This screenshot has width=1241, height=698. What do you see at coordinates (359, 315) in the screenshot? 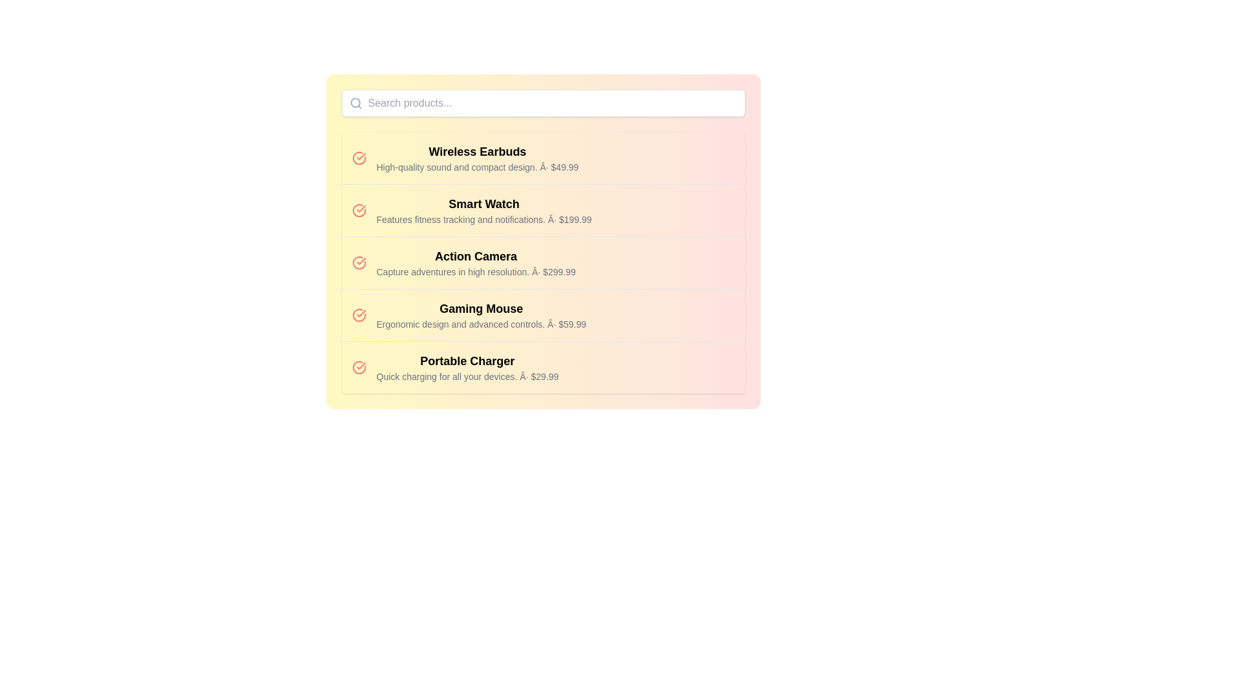
I see `the visual indicator icon on the leftmost side of the row for the 'Gaming Mouse' to change its state` at bounding box center [359, 315].